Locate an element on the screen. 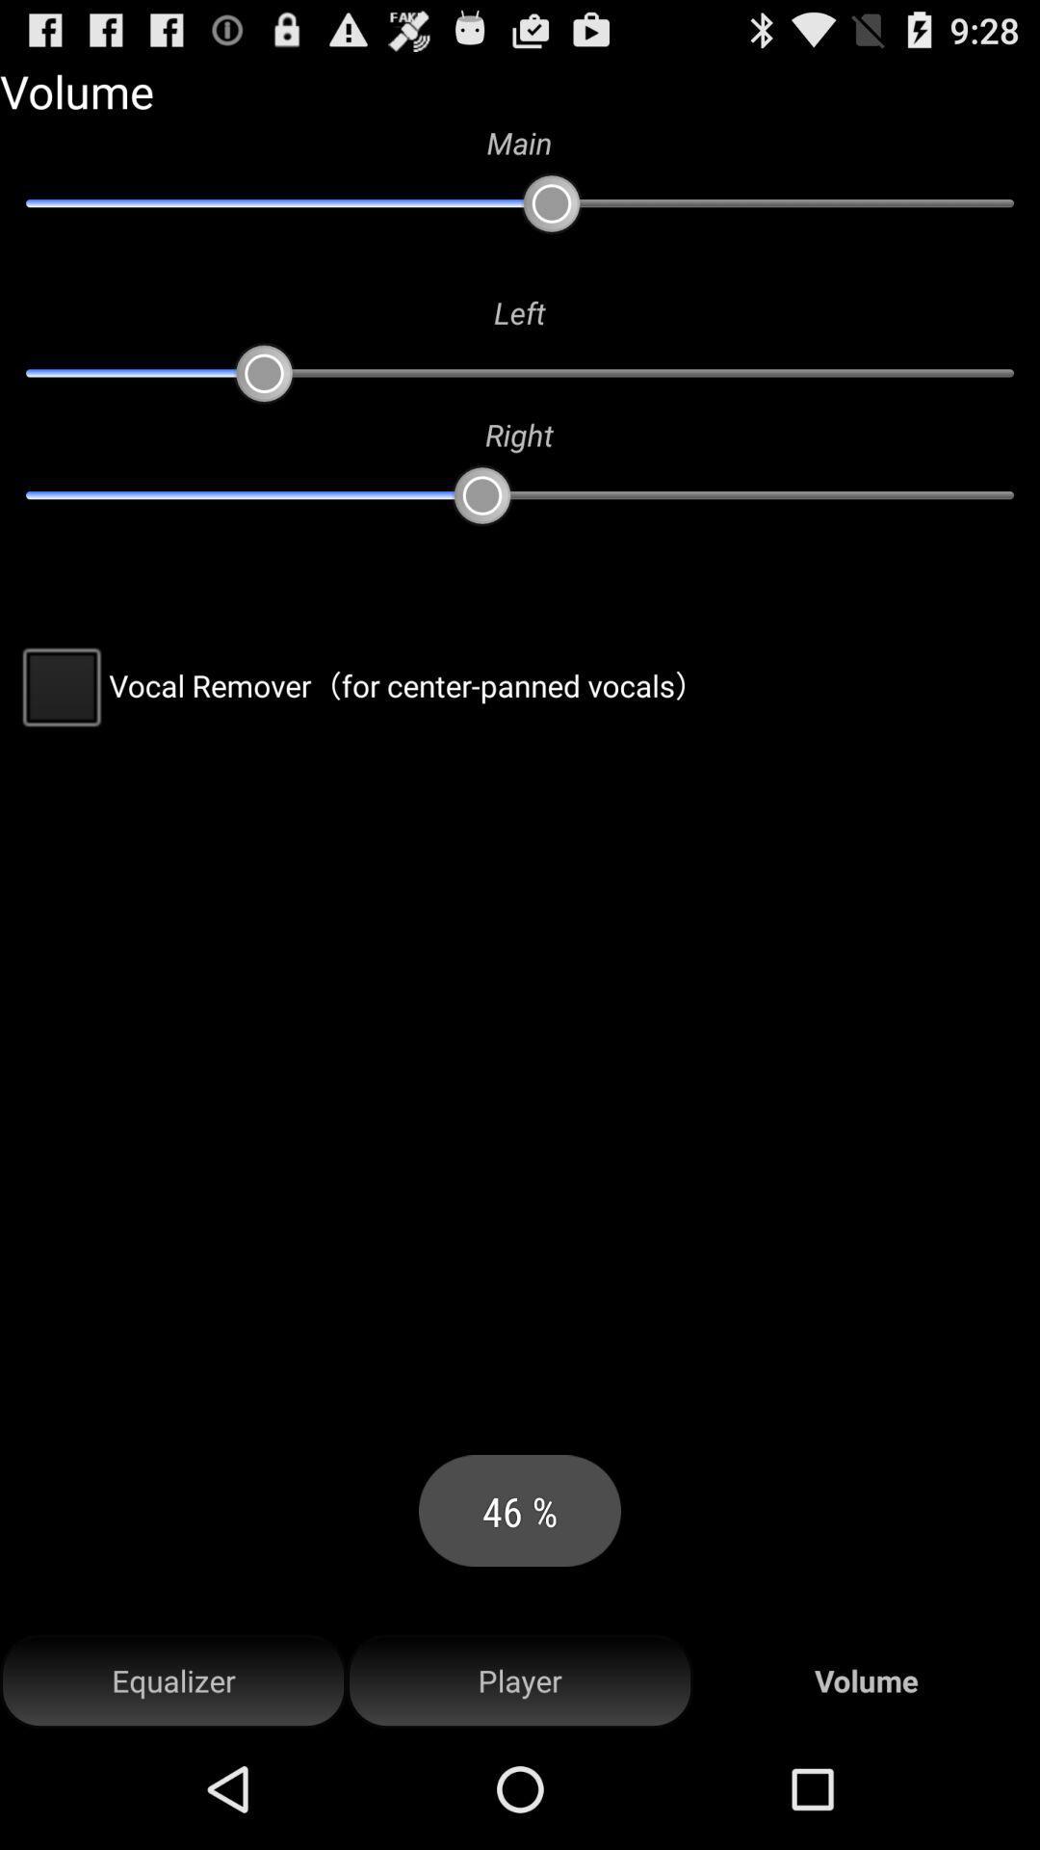  the icon next to equalizer button is located at coordinates (520, 1680).